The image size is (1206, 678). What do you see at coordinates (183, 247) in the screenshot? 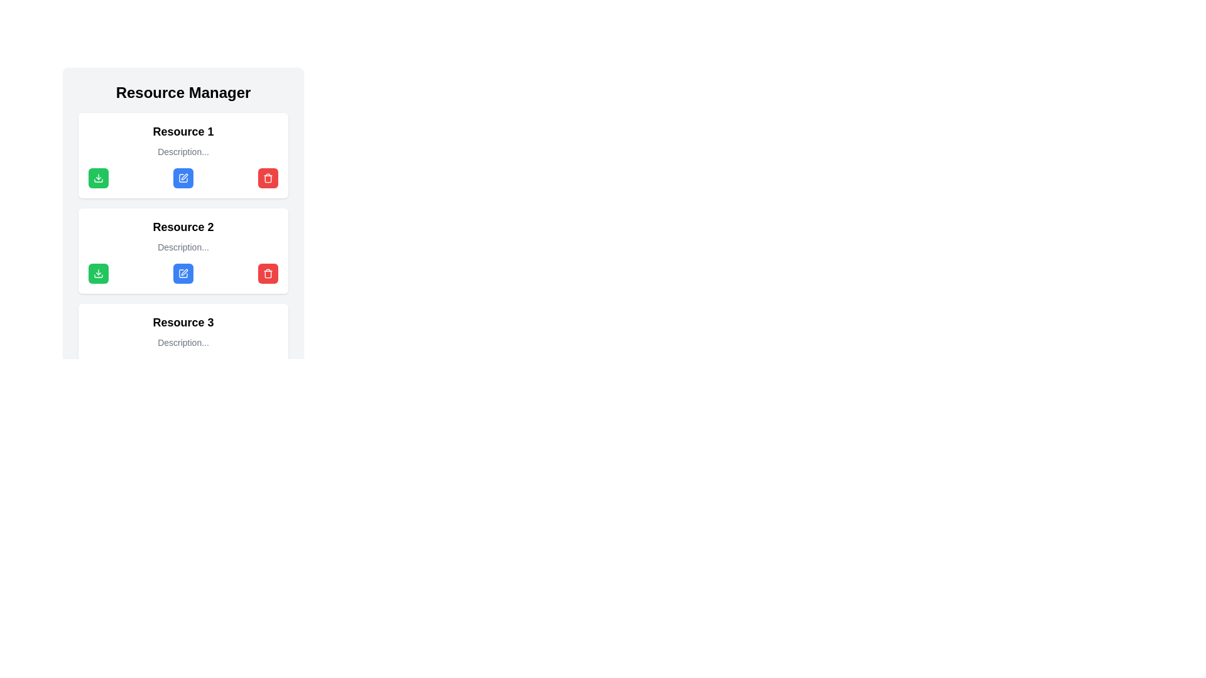
I see `the static text label displaying 'Description...' located beneath the 'Resource 2' header` at bounding box center [183, 247].